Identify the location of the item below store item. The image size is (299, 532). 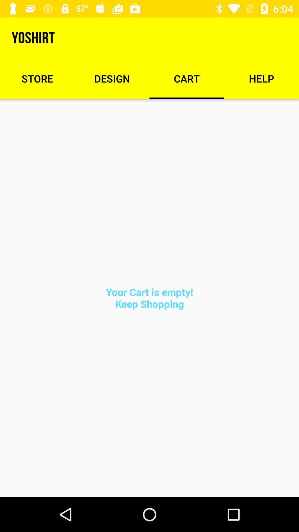
(149, 298).